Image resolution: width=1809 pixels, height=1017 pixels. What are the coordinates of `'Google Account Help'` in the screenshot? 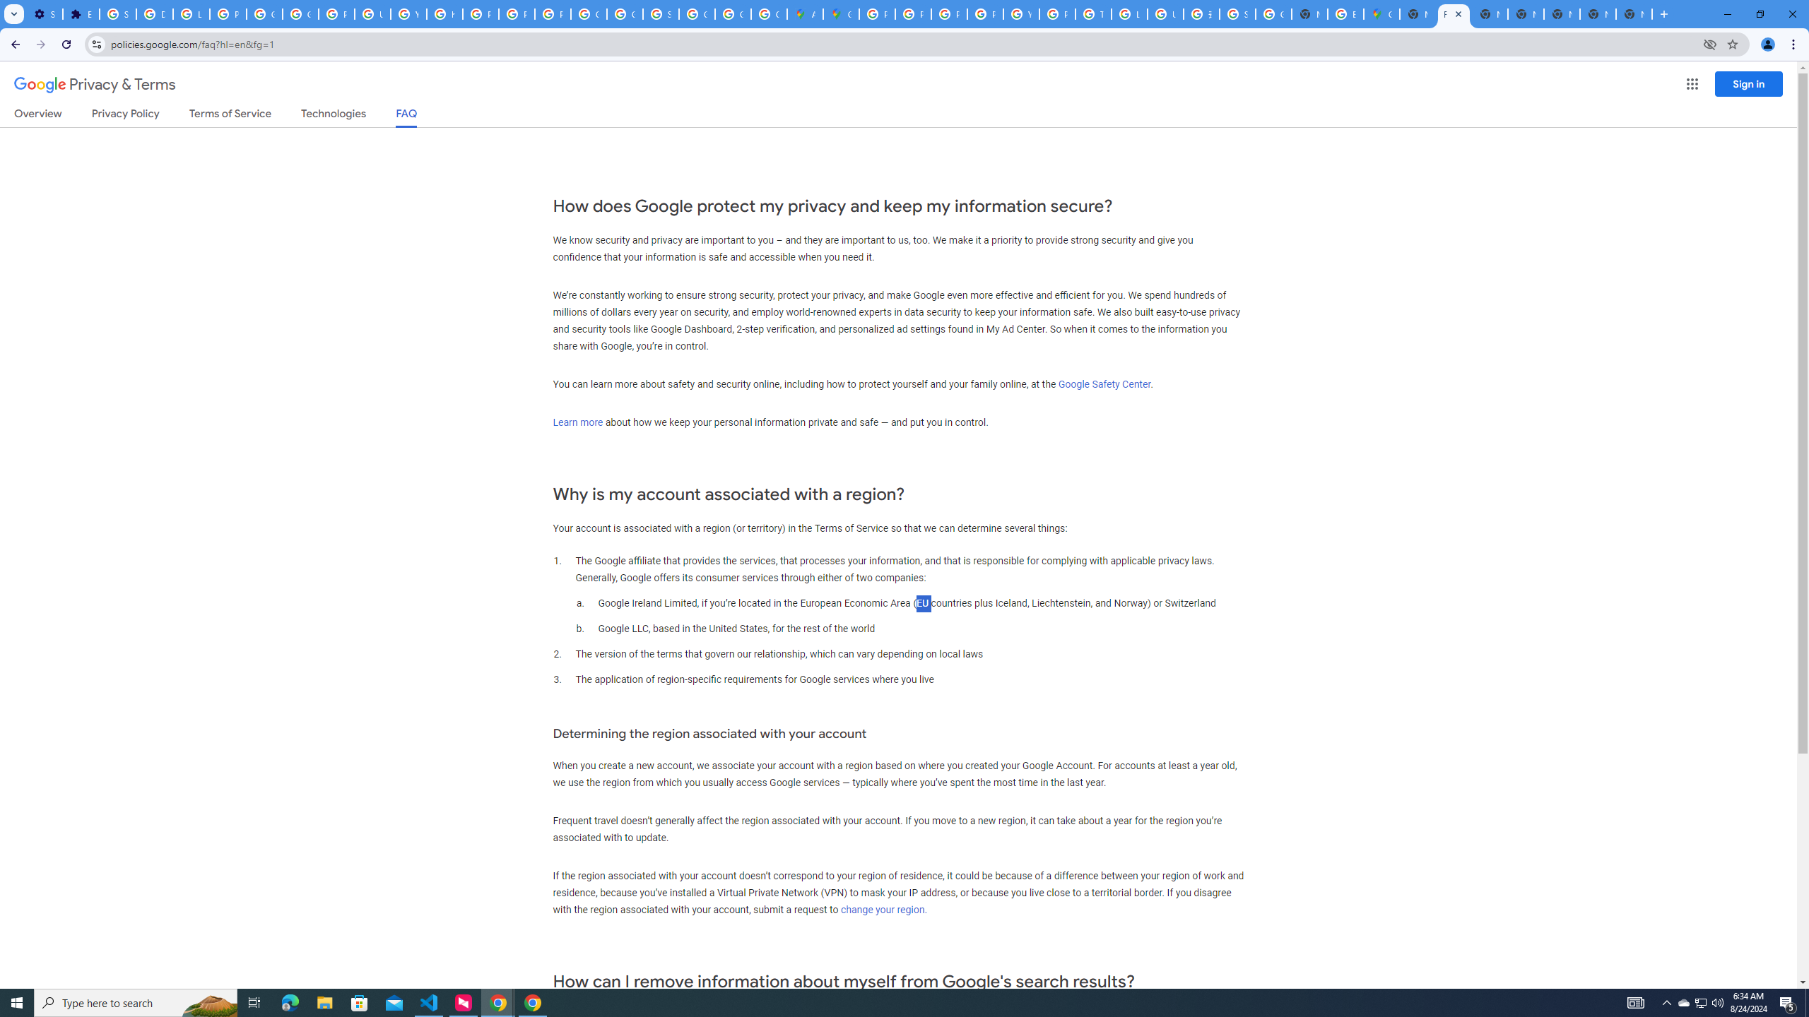 It's located at (265, 13).